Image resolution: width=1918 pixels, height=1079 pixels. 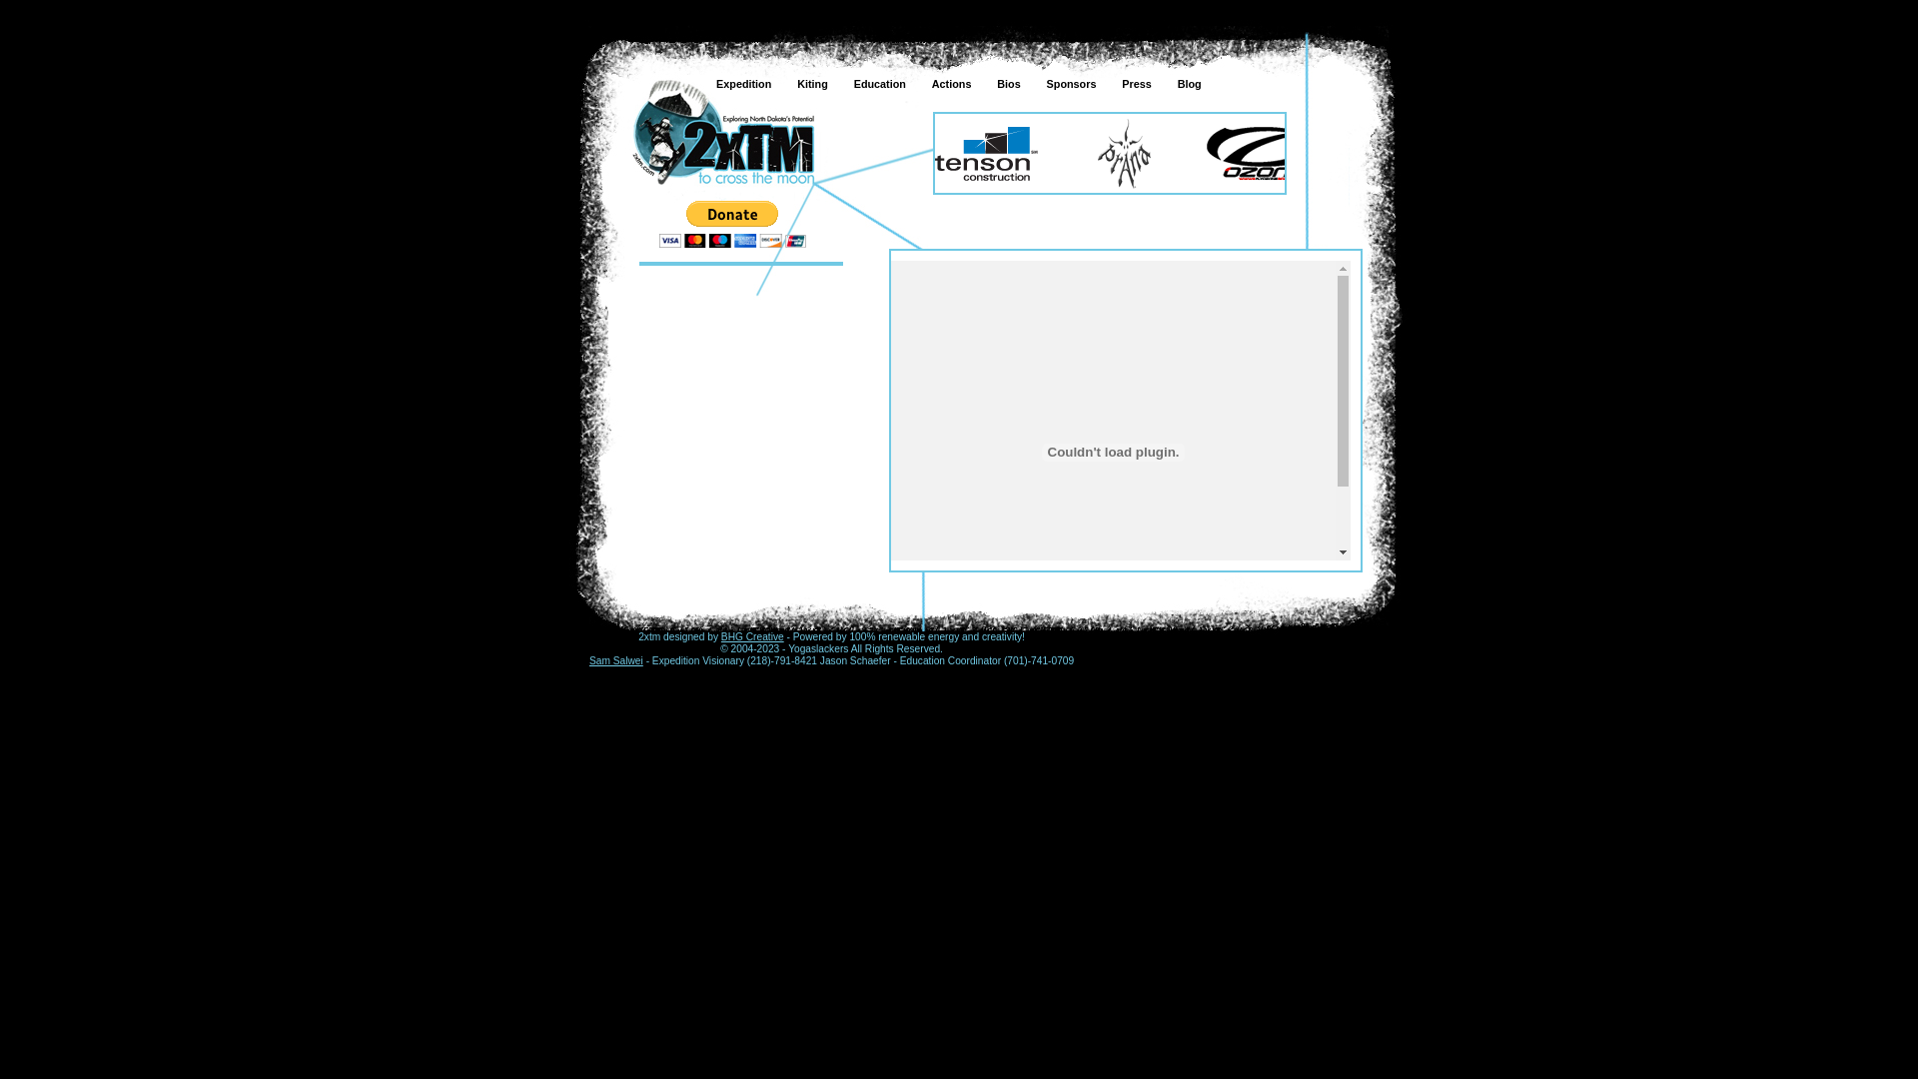 What do you see at coordinates (948, 83) in the screenshot?
I see `'Actions'` at bounding box center [948, 83].